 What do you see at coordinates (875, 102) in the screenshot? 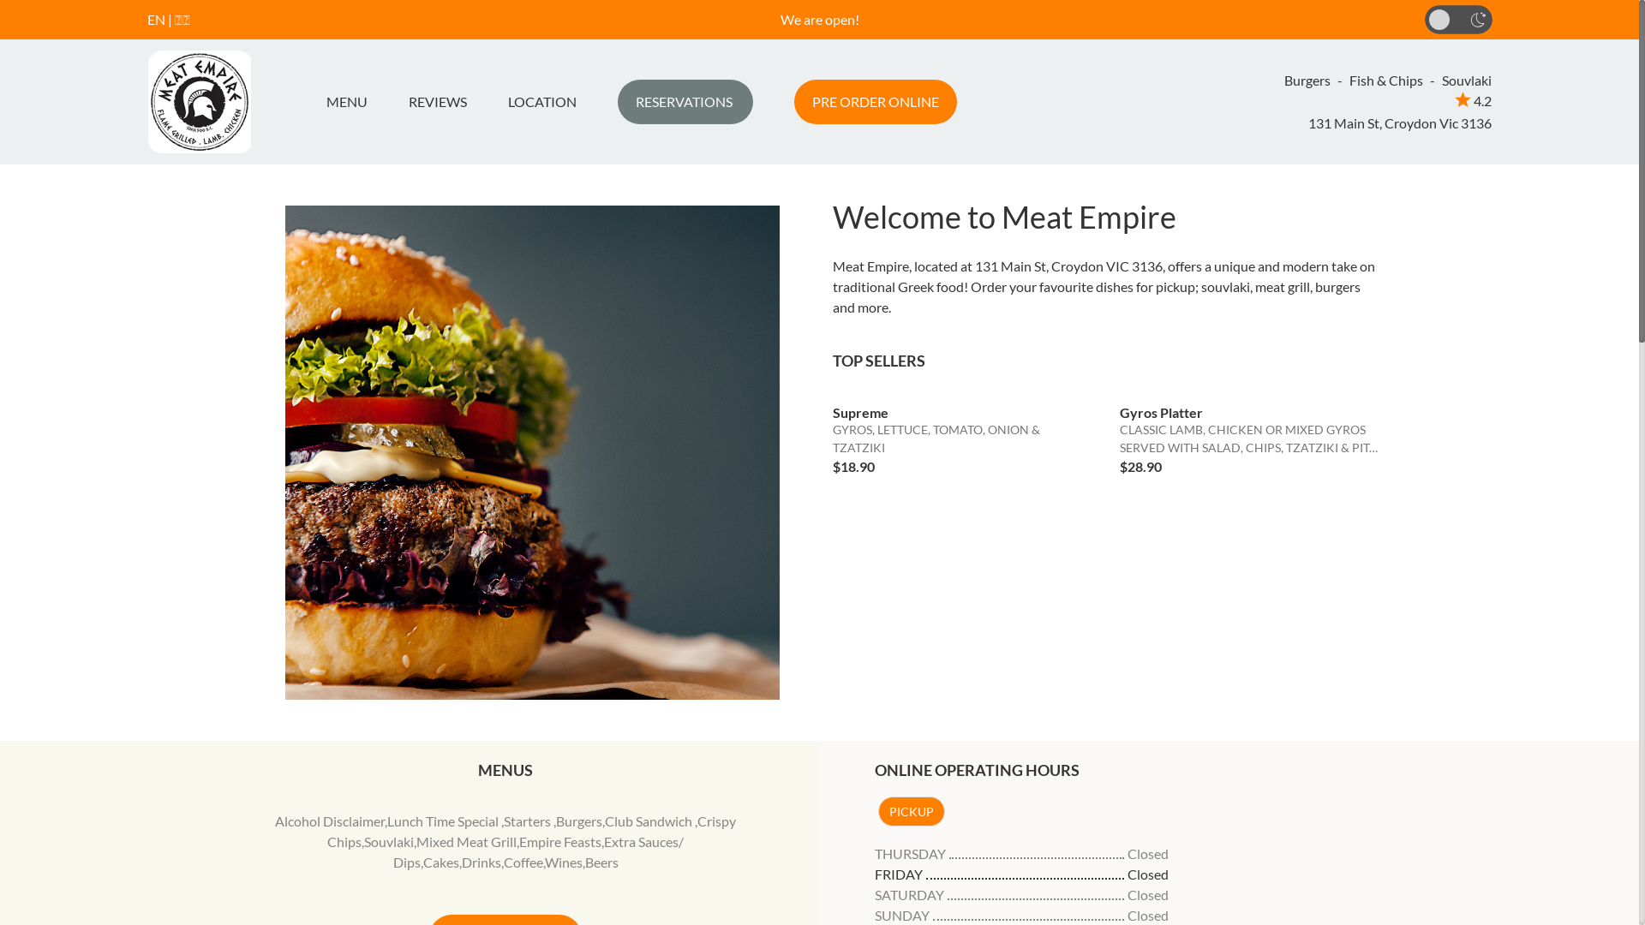
I see `'PRE ORDER ONLINE'` at bounding box center [875, 102].